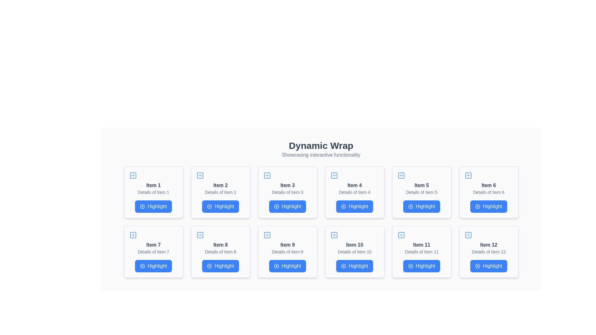 This screenshot has height=335, width=596. What do you see at coordinates (468, 235) in the screenshot?
I see `the small rounded rectangle located at the center of the grid icon representing the 'square-divide' symbol in 'Item 12'` at bounding box center [468, 235].